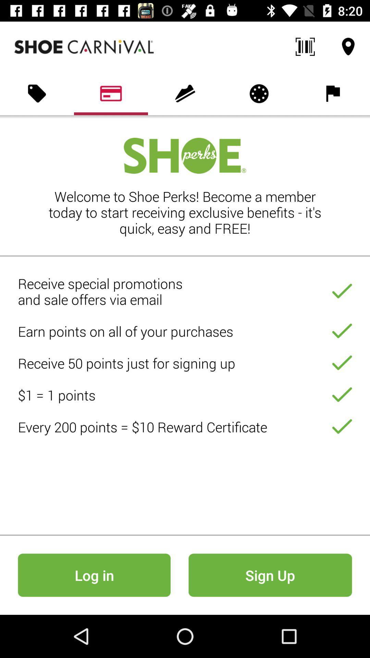  Describe the element at coordinates (94, 575) in the screenshot. I see `the log in at the bottom left corner` at that location.